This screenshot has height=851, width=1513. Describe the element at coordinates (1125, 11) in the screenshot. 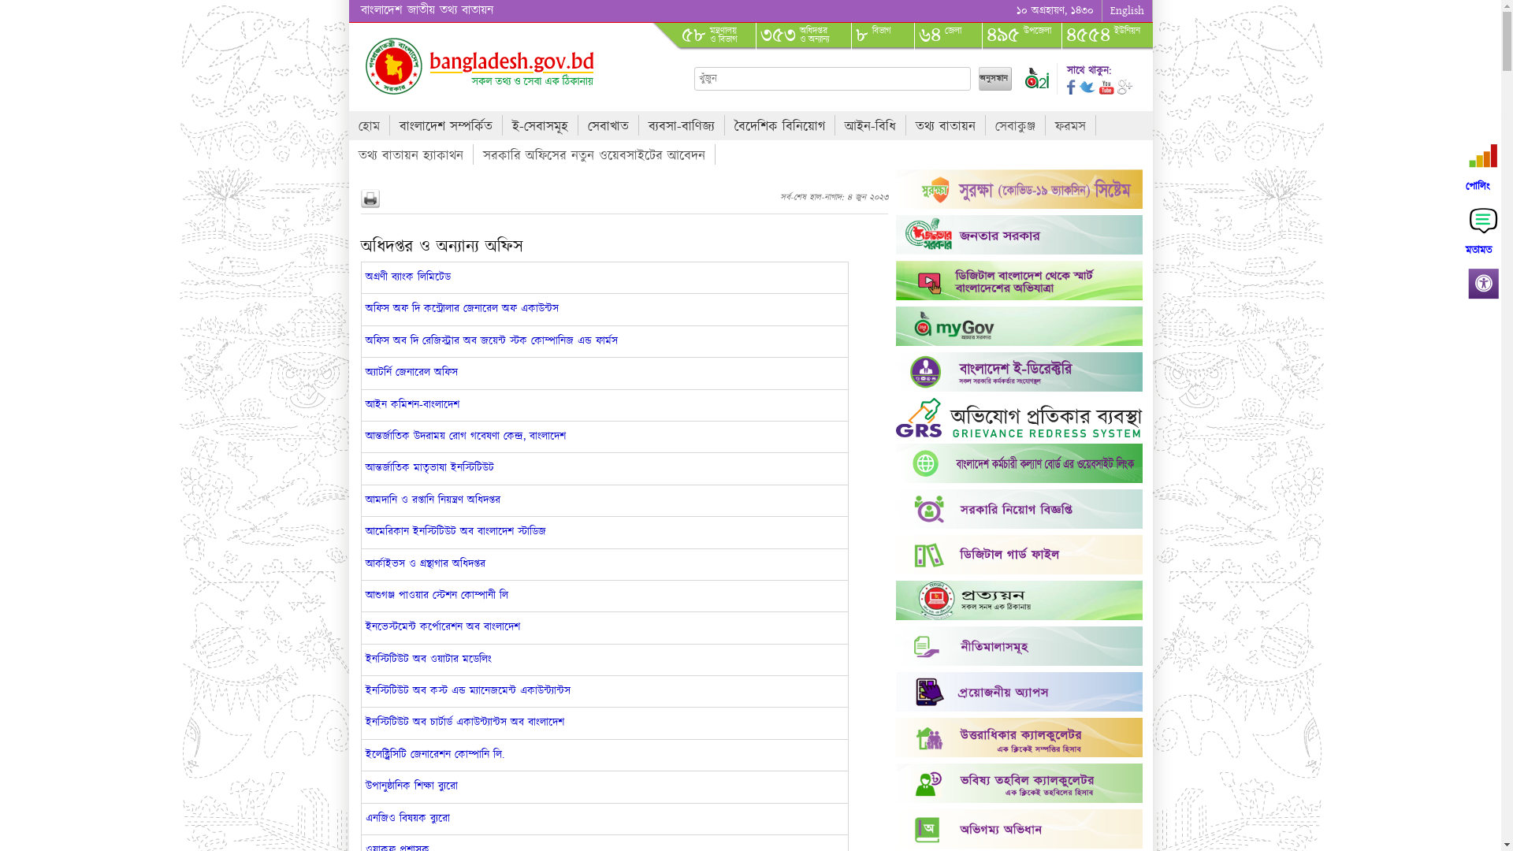

I see `'English'` at that location.